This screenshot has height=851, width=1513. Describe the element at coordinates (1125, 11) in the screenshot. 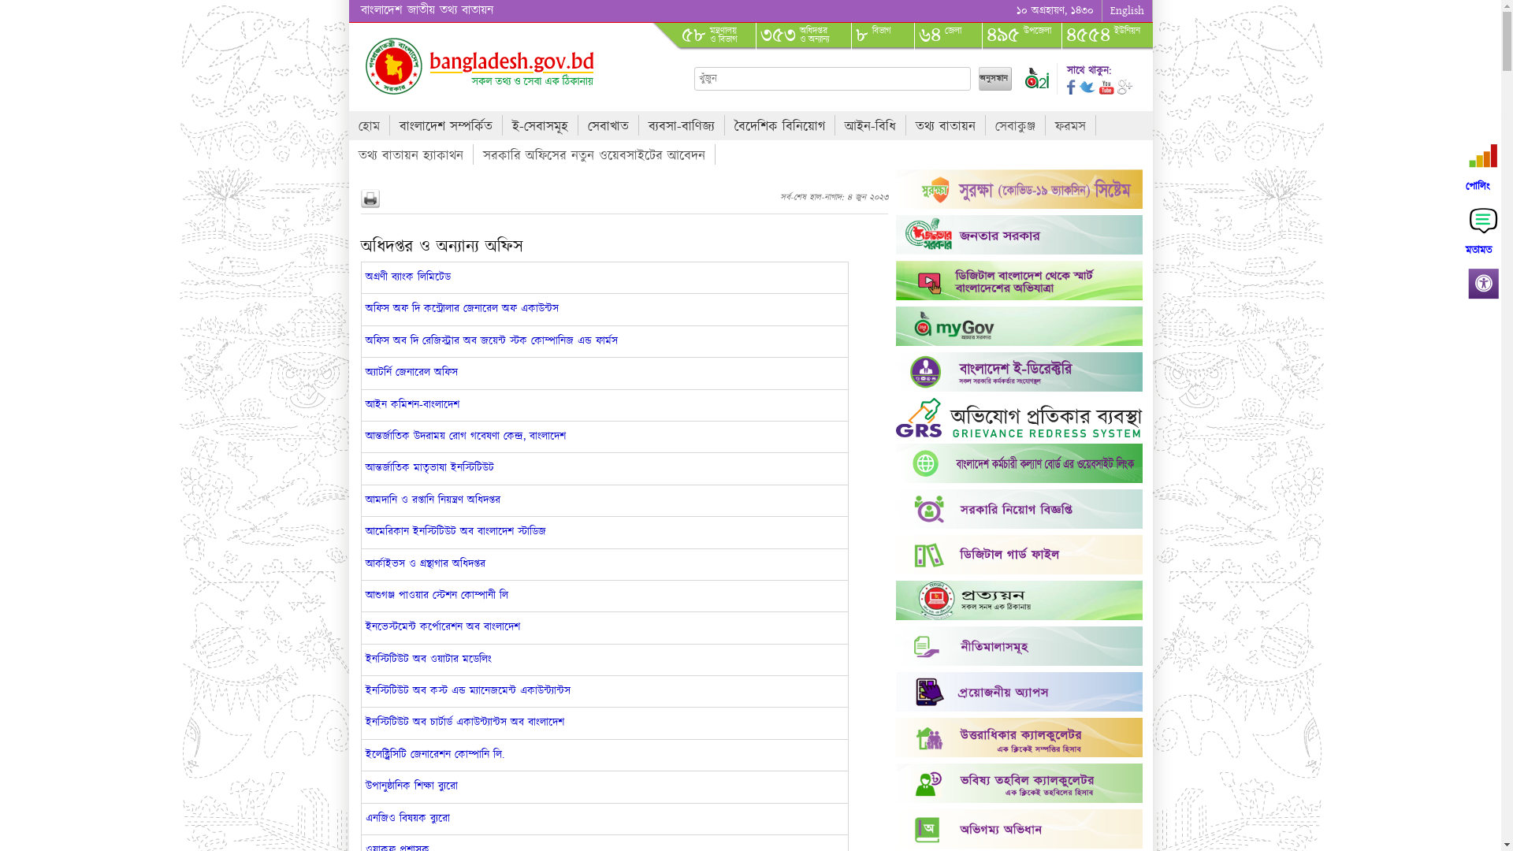

I see `'English'` at that location.